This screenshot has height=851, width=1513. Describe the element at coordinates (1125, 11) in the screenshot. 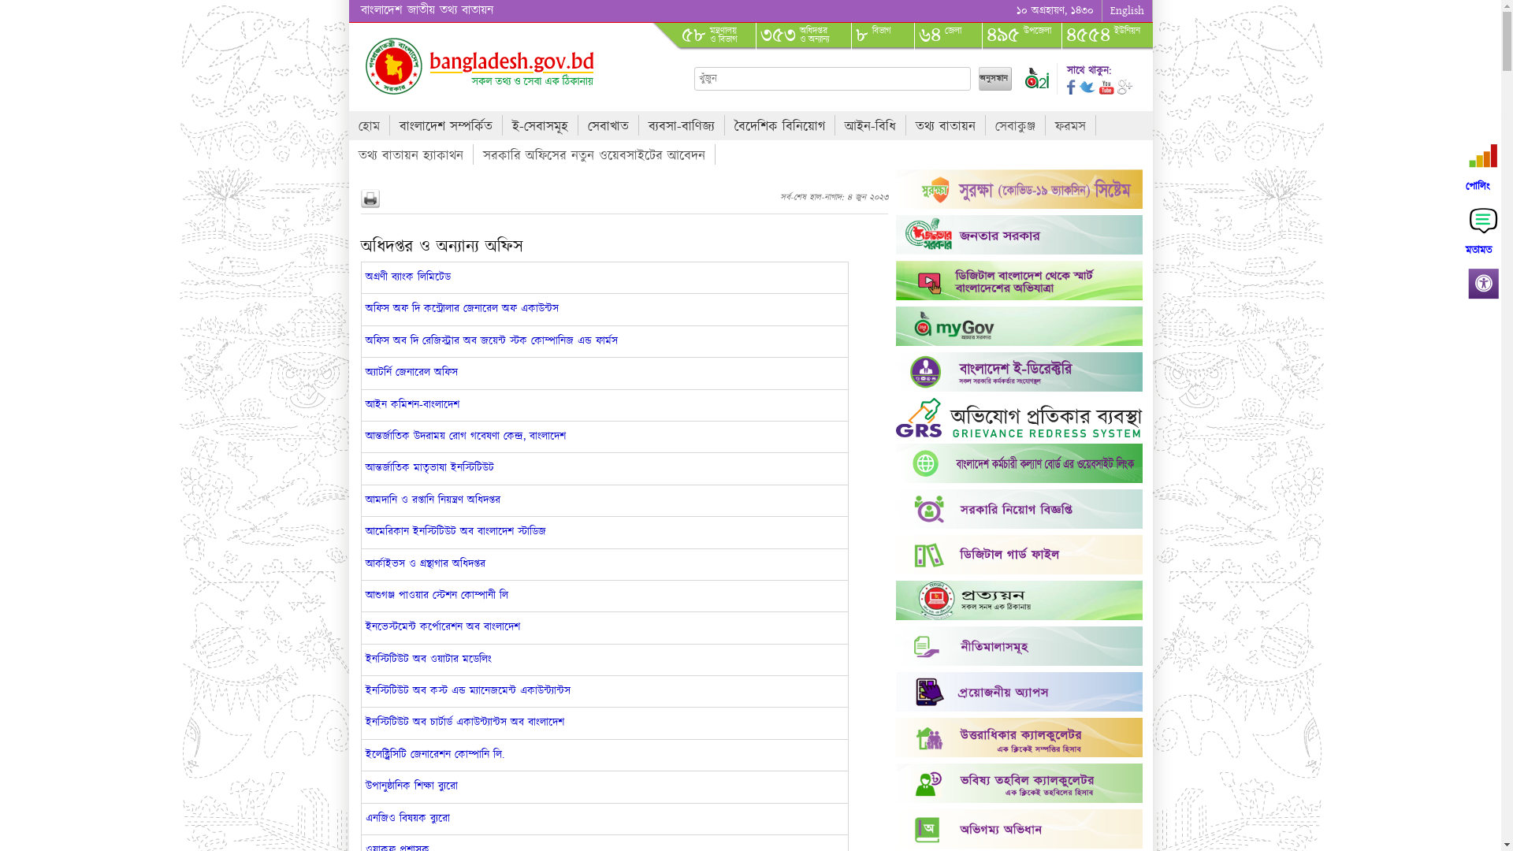

I see `'English'` at that location.